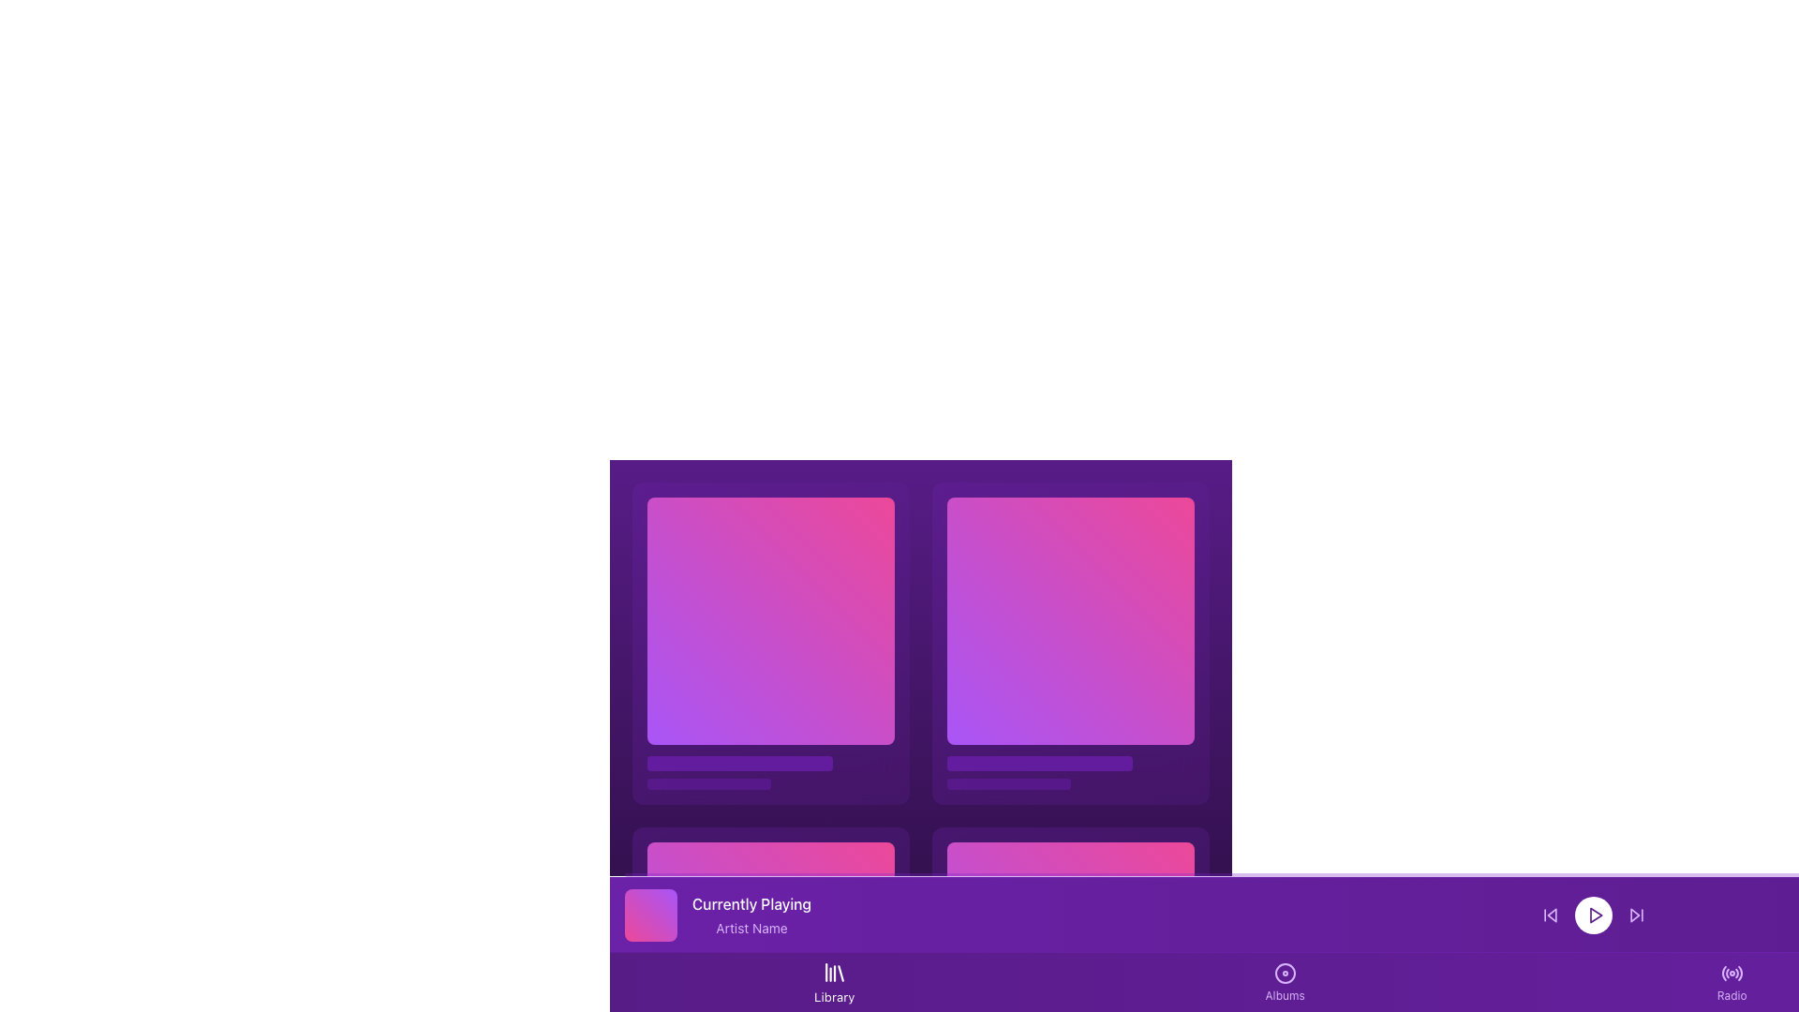  Describe the element at coordinates (770, 642) in the screenshot. I see `the first hoverable card in the 2x2 grid structure located in the top-left corner` at that location.